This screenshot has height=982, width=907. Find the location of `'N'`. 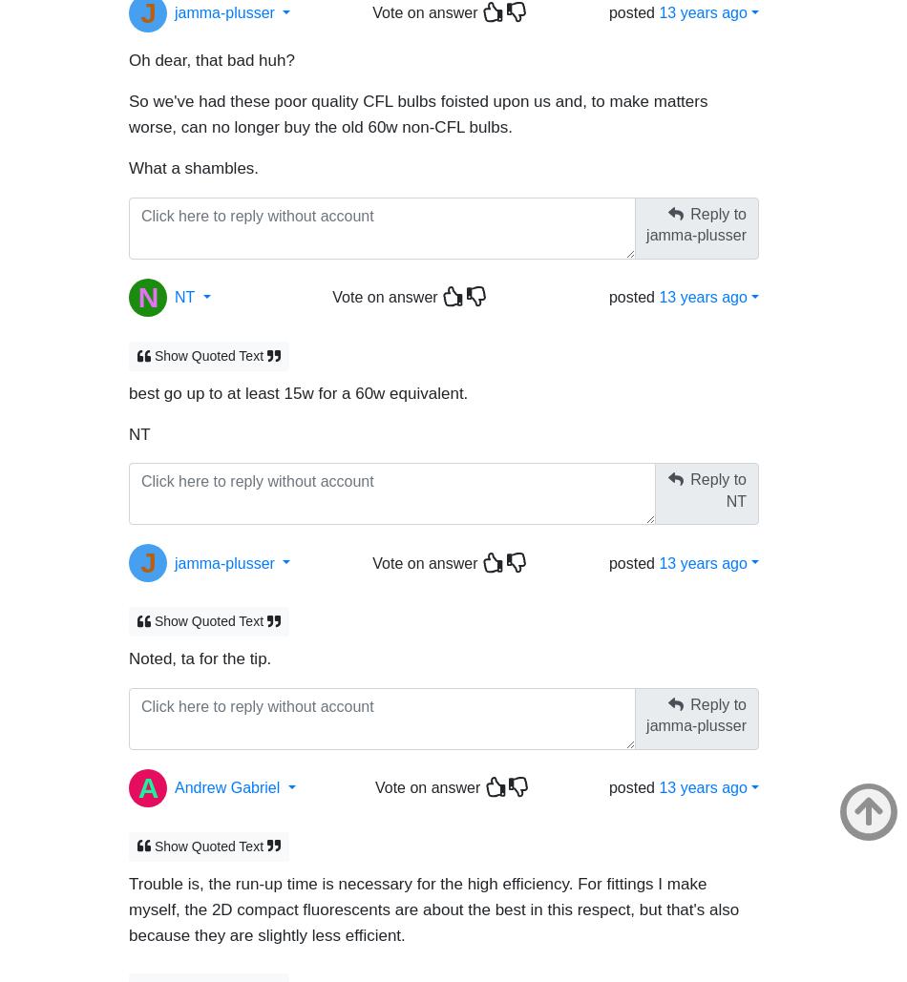

'N' is located at coordinates (137, 287).